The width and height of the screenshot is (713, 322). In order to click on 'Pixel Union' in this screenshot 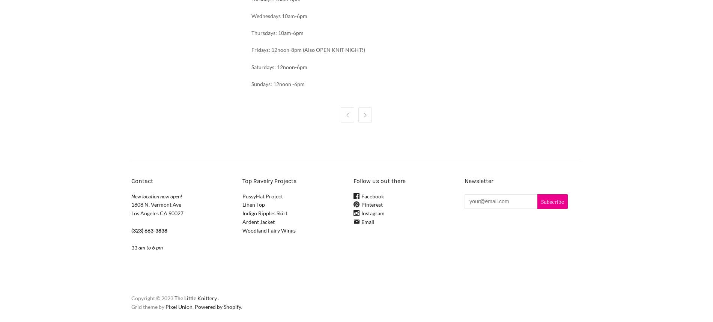, I will do `click(179, 306)`.